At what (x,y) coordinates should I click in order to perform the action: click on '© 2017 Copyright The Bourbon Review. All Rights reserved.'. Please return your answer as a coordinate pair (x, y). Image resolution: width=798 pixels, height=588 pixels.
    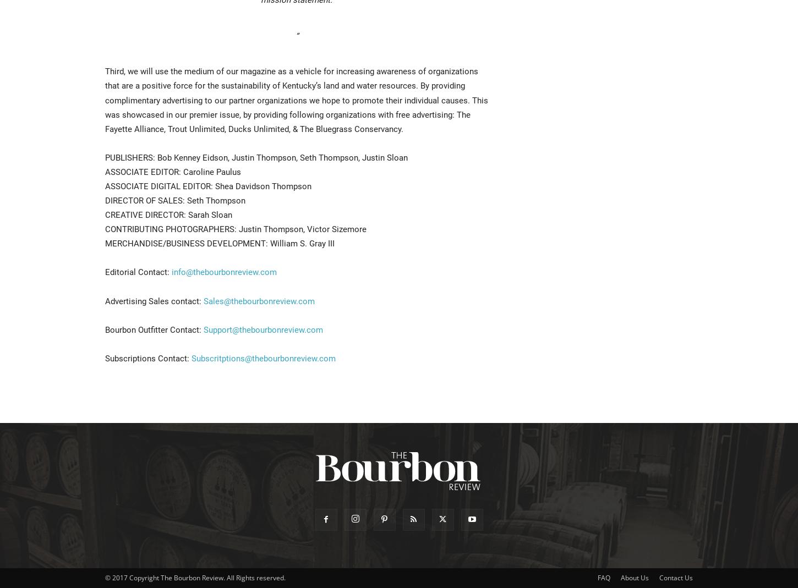
    Looking at the image, I should click on (195, 577).